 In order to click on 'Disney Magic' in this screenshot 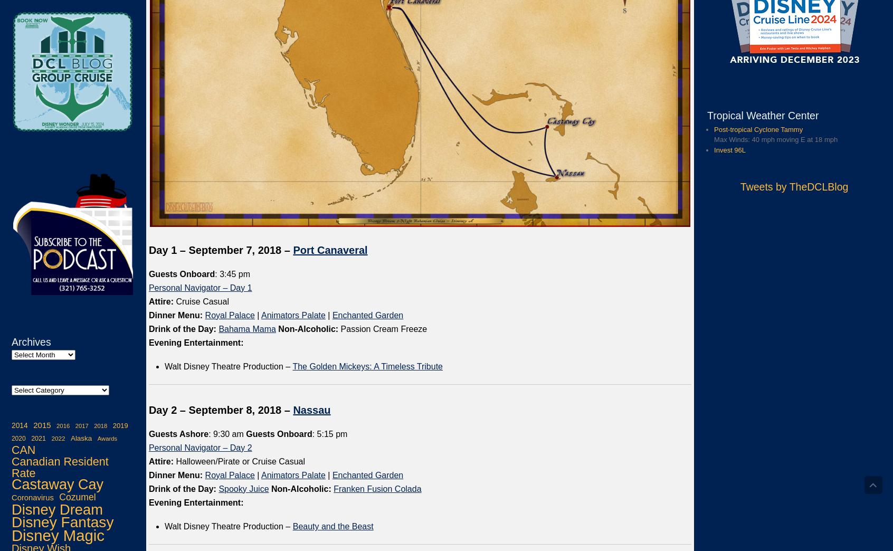, I will do `click(57, 535)`.